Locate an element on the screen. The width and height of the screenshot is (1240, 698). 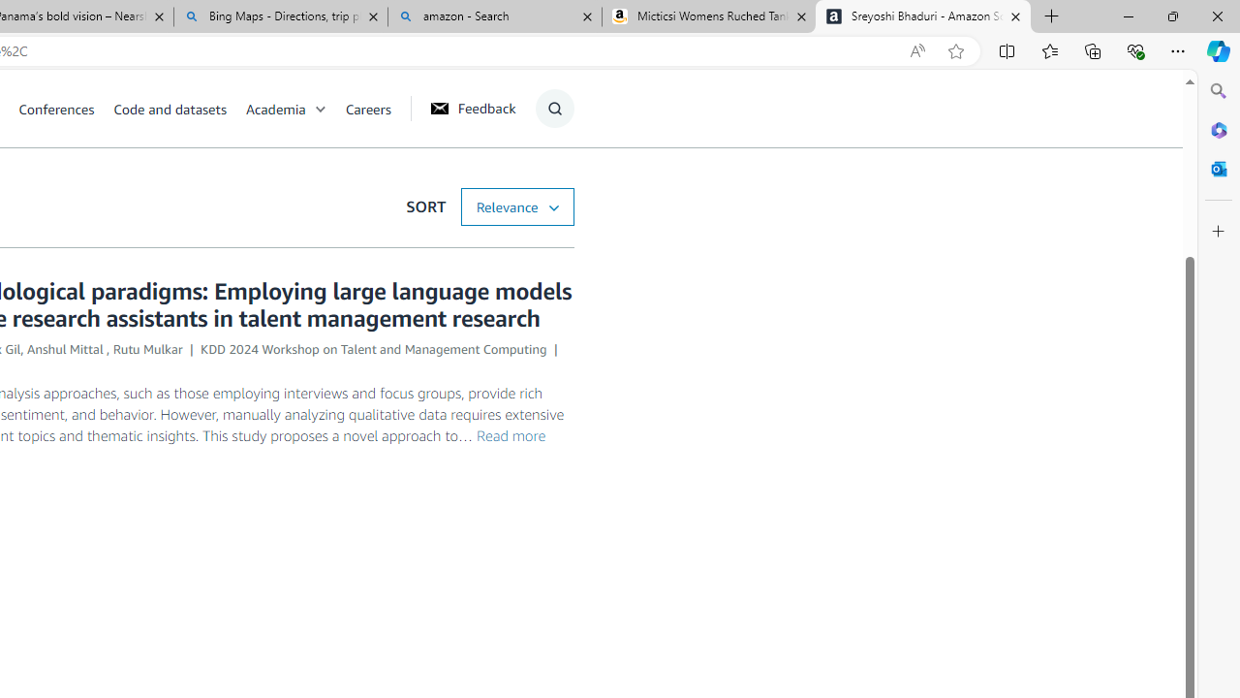
'Show Search Form' is located at coordinates (553, 108).